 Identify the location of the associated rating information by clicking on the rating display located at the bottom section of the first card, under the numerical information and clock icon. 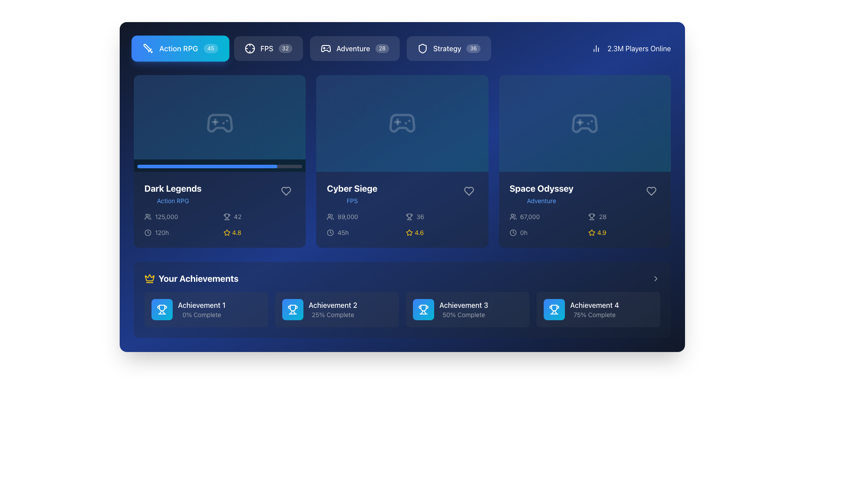
(258, 232).